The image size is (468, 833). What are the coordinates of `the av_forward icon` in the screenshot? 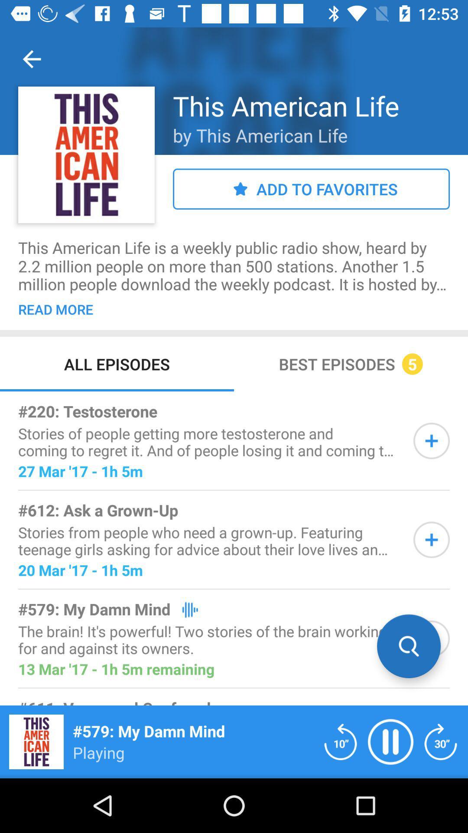 It's located at (441, 741).